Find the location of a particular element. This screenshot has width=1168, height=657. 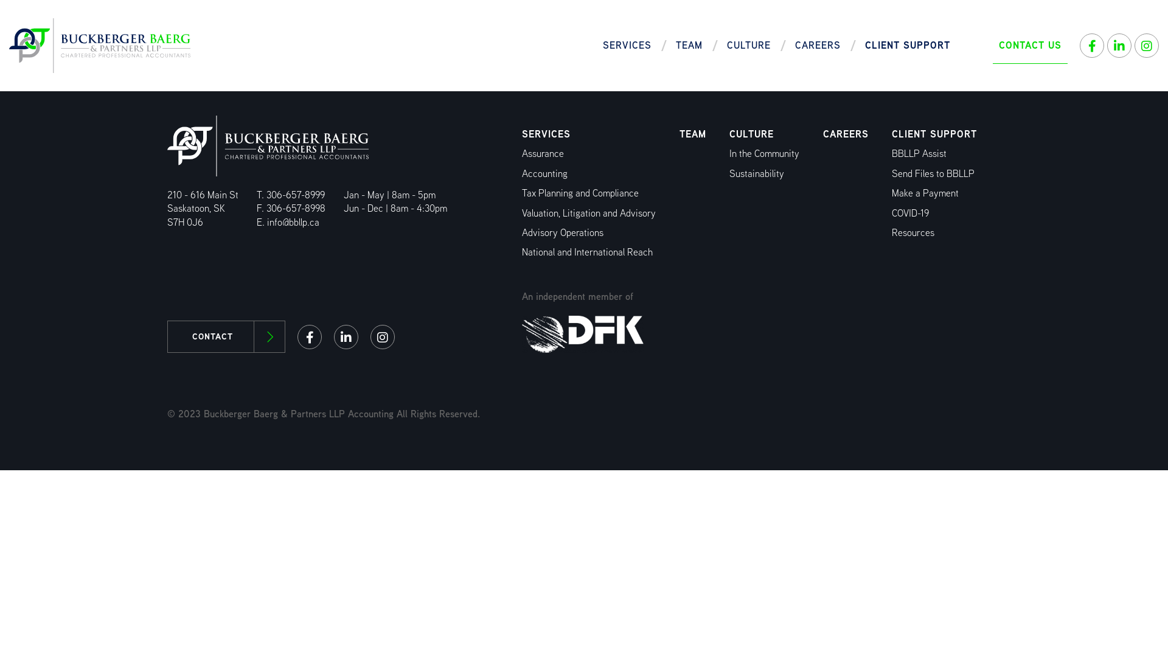

'CONTACT US' is located at coordinates (1029, 44).